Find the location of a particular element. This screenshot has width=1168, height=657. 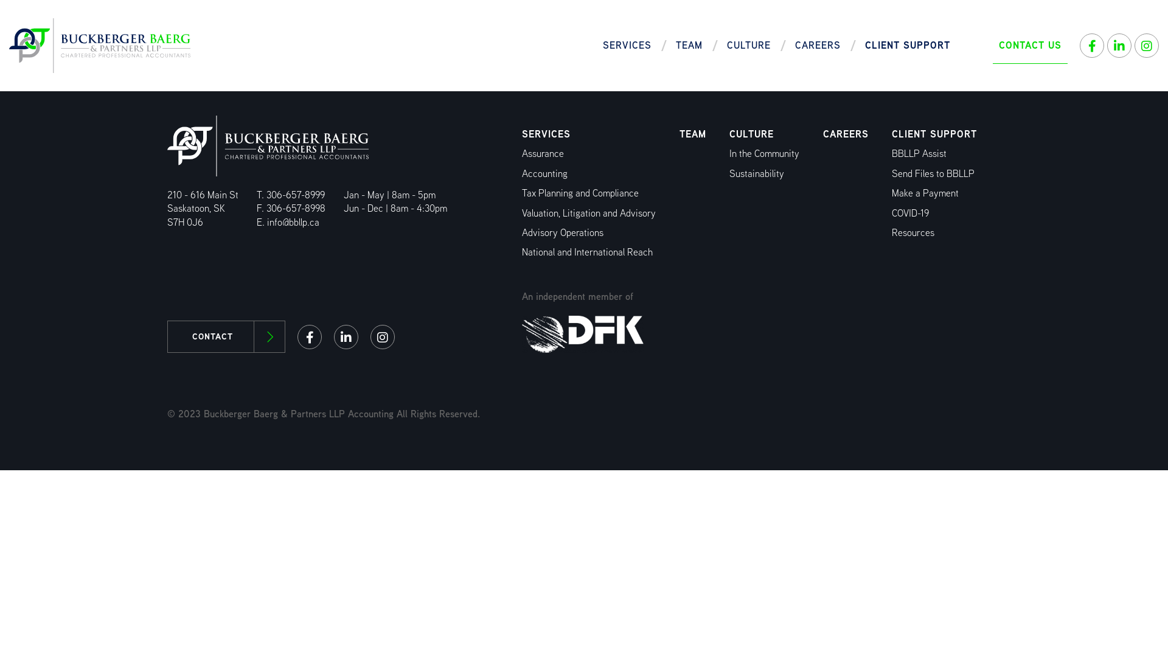

'CONTACT US' is located at coordinates (1029, 44).